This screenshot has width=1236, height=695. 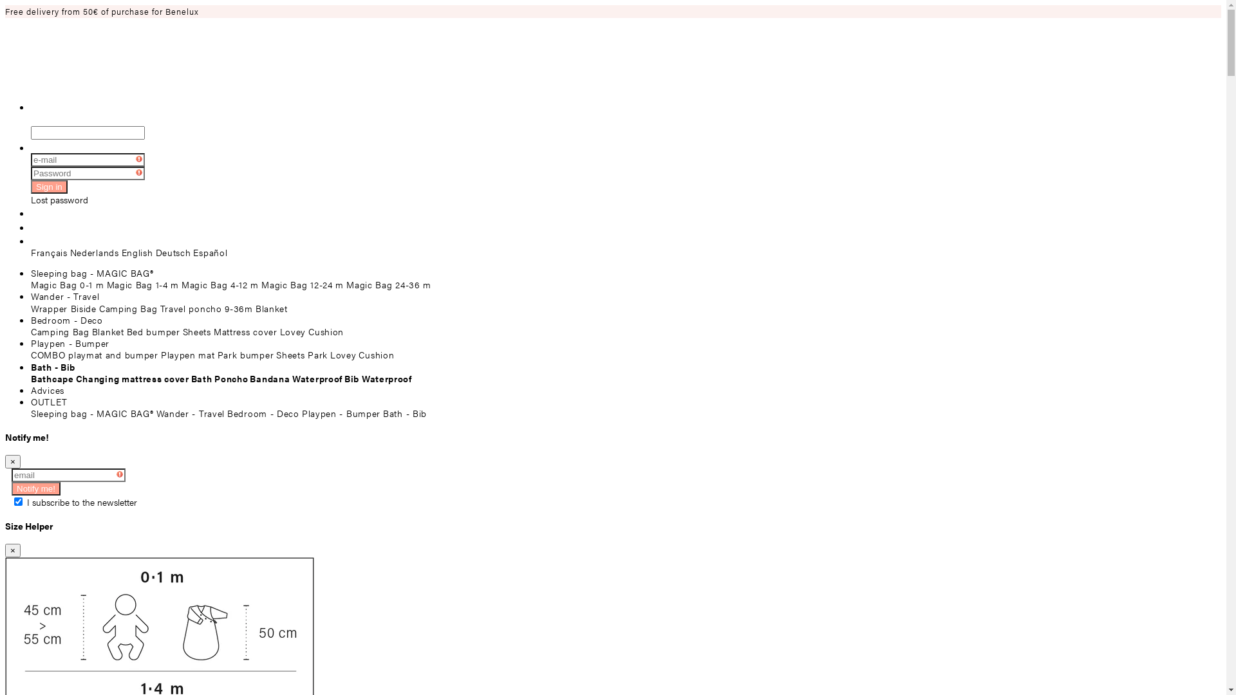 What do you see at coordinates (128, 308) in the screenshot?
I see `'Camping Bag'` at bounding box center [128, 308].